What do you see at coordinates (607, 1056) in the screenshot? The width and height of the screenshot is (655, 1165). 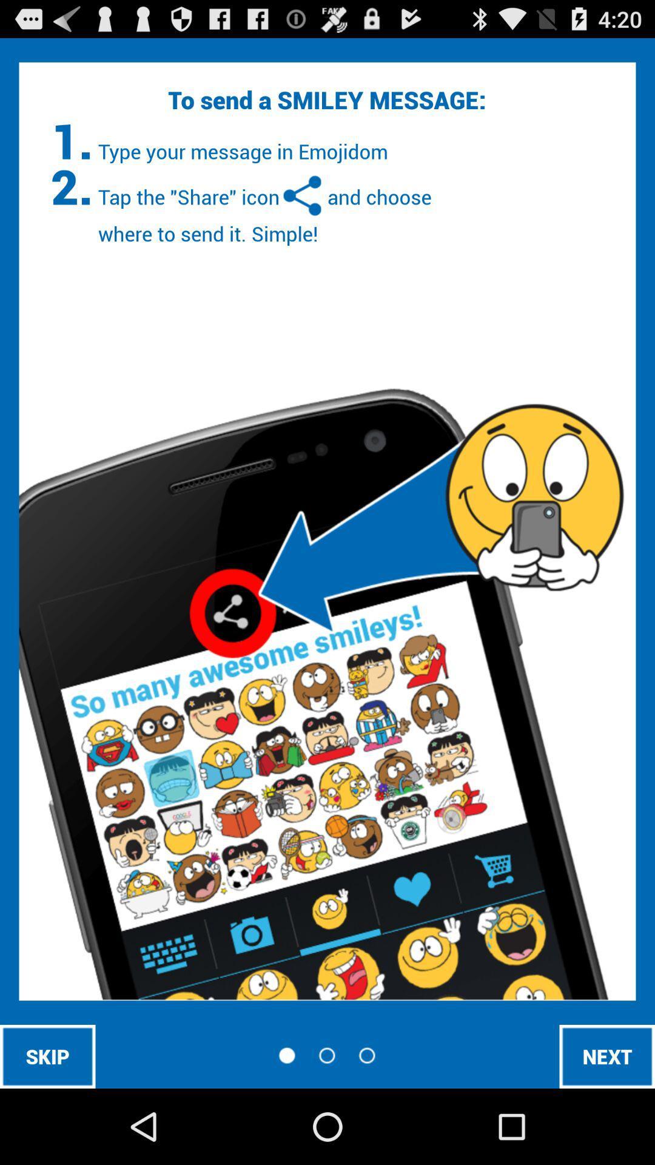 I see `the button at the bottom right corner` at bounding box center [607, 1056].